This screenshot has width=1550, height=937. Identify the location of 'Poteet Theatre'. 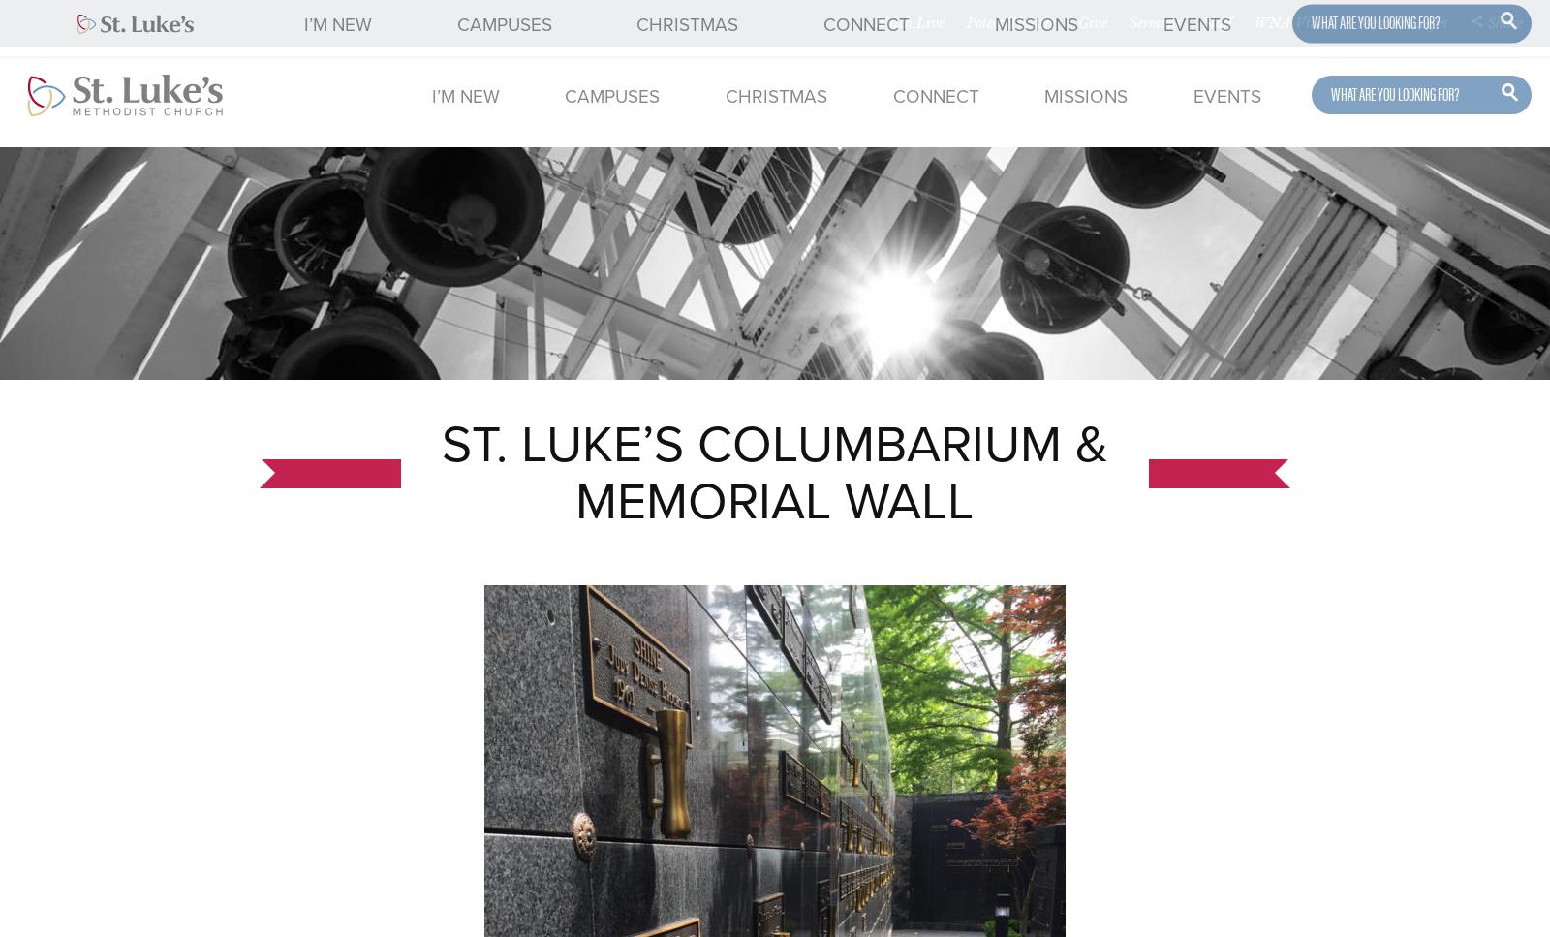
(964, 22).